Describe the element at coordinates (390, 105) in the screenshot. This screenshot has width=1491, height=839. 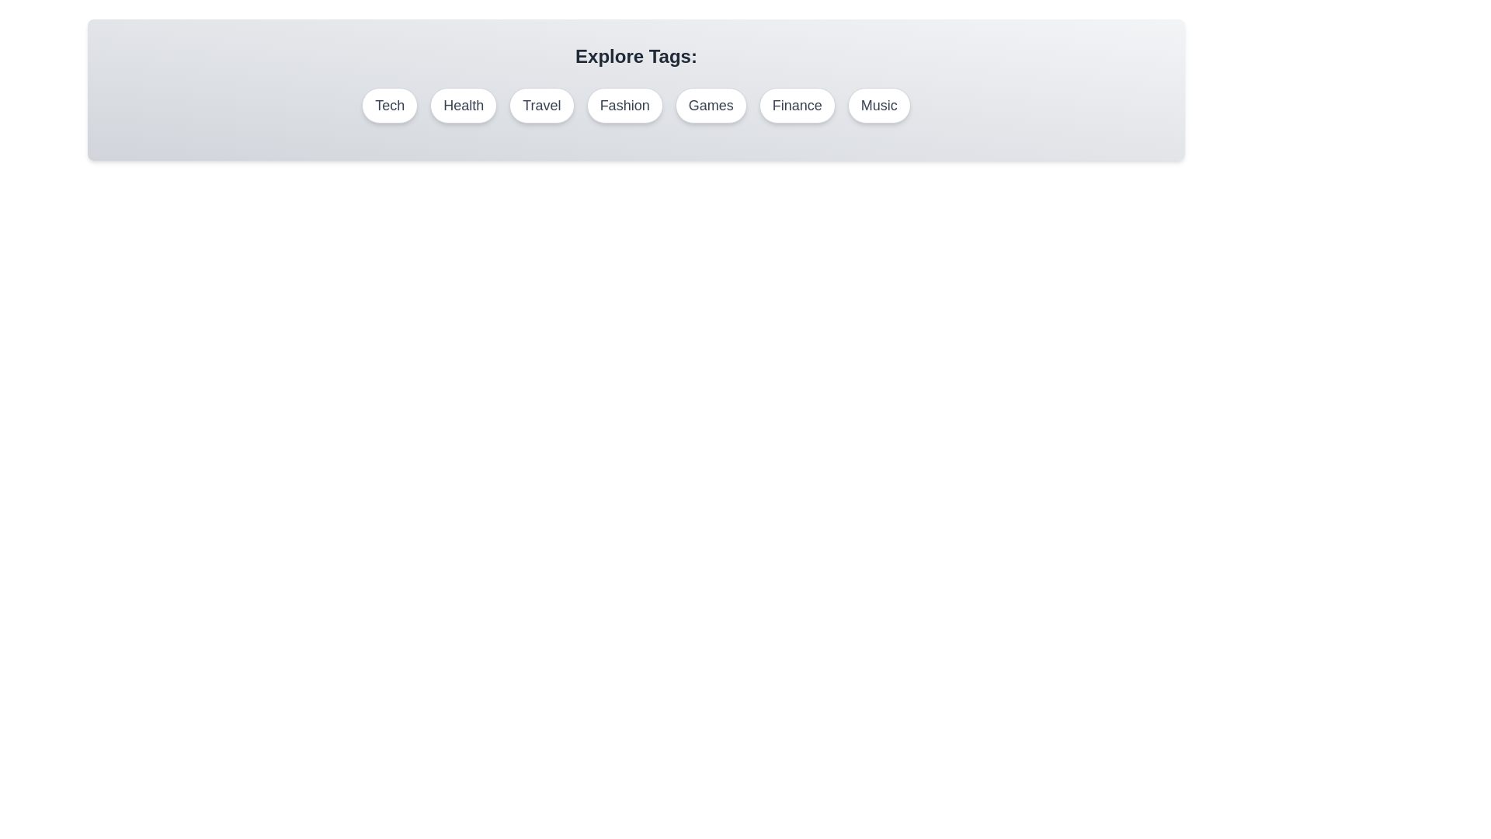
I see `the tag labeled Tech to select it` at that location.